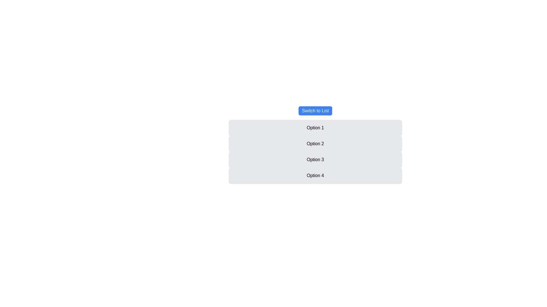 The height and width of the screenshot is (307, 547). What do you see at coordinates (315, 128) in the screenshot?
I see `the selectable item labeled 'Option 1', which is the first in a vertical list of four options located beneath the 'Switch to List' button` at bounding box center [315, 128].